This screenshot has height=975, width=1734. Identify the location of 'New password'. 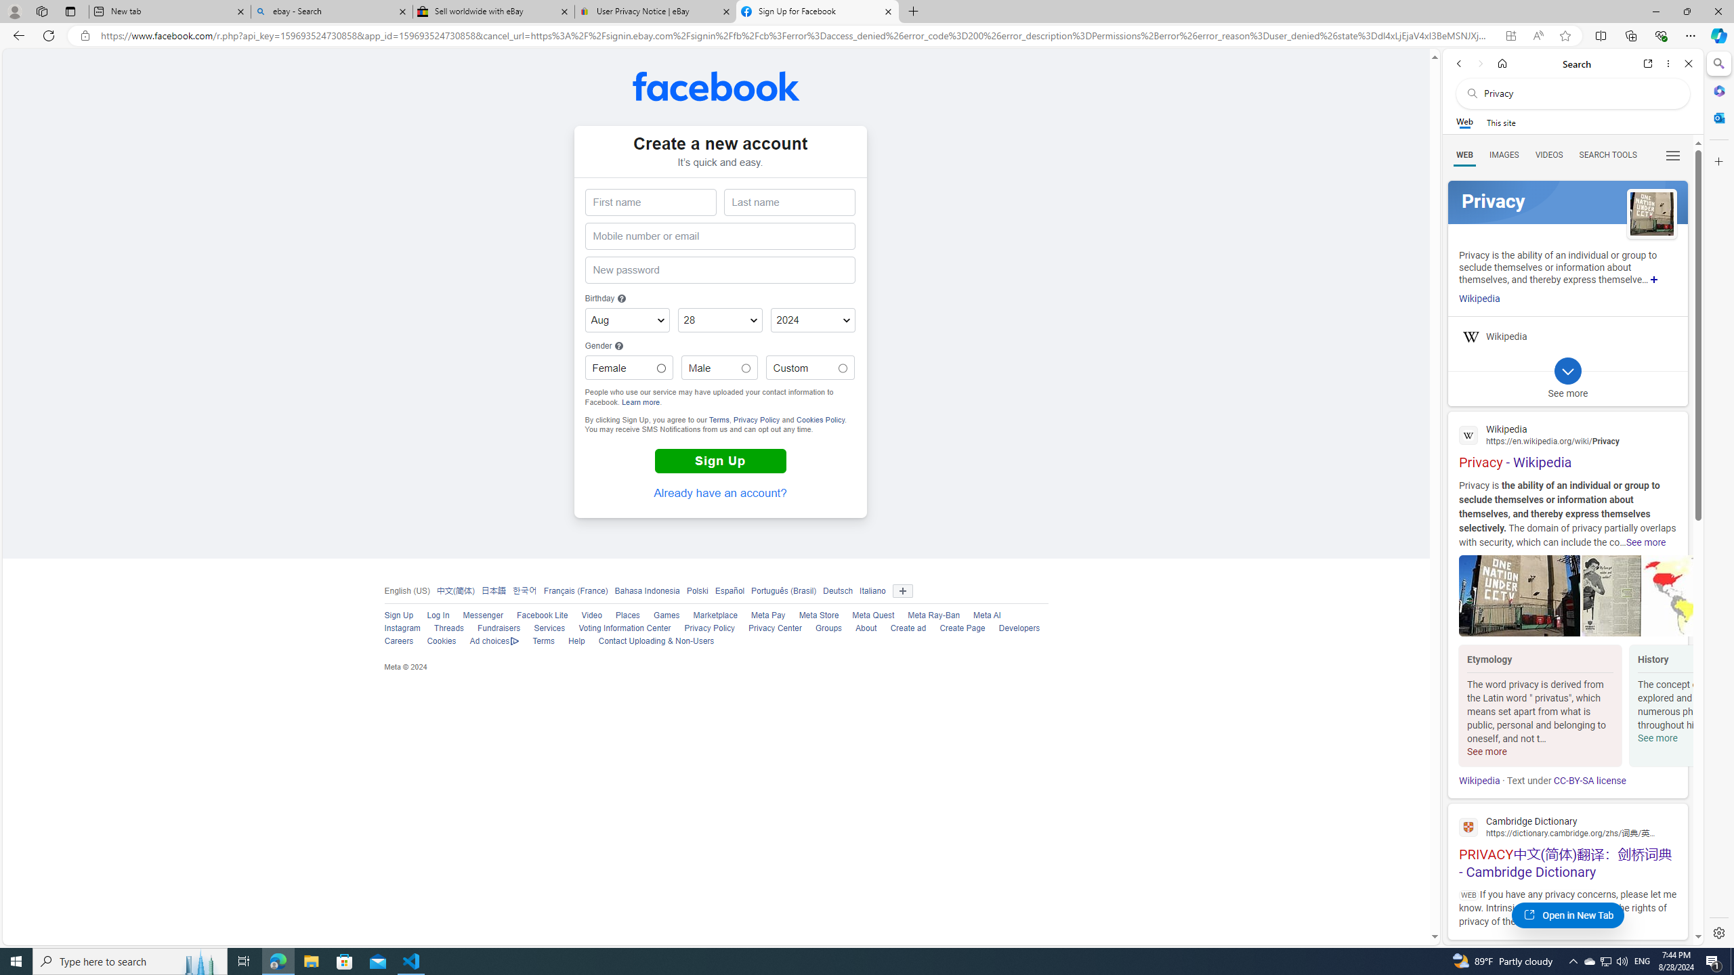
(719, 269).